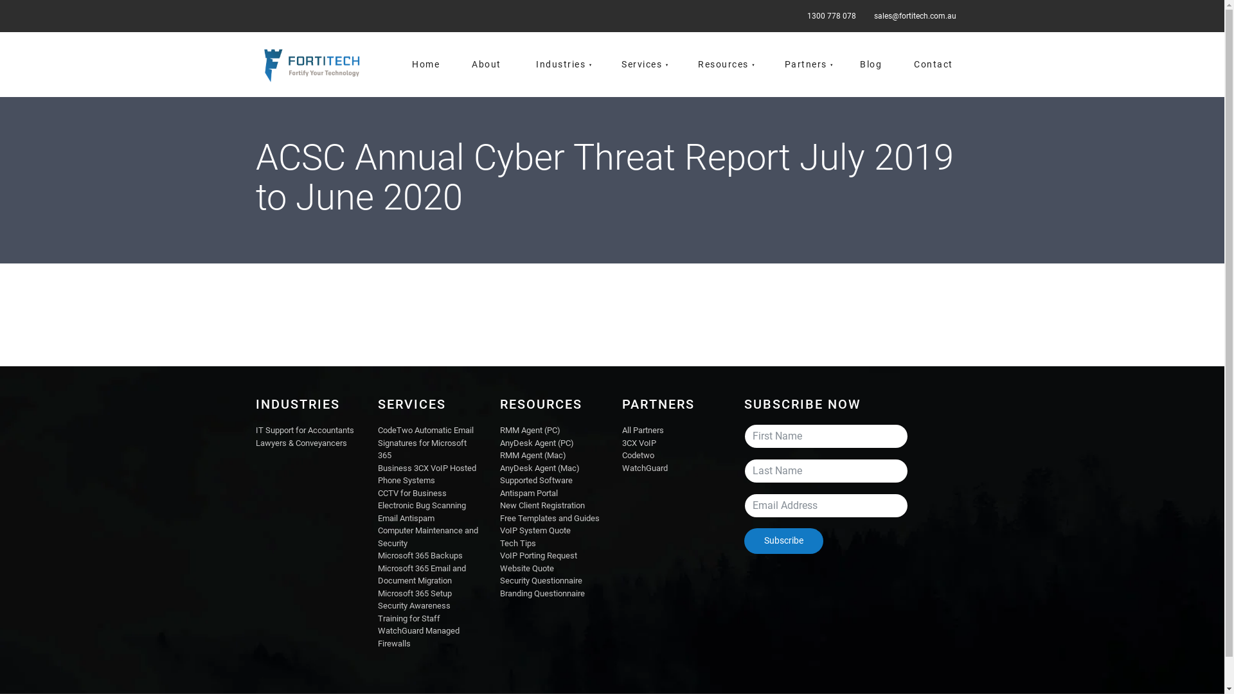  What do you see at coordinates (540, 468) in the screenshot?
I see `'AnyDesk Agent (Mac)'` at bounding box center [540, 468].